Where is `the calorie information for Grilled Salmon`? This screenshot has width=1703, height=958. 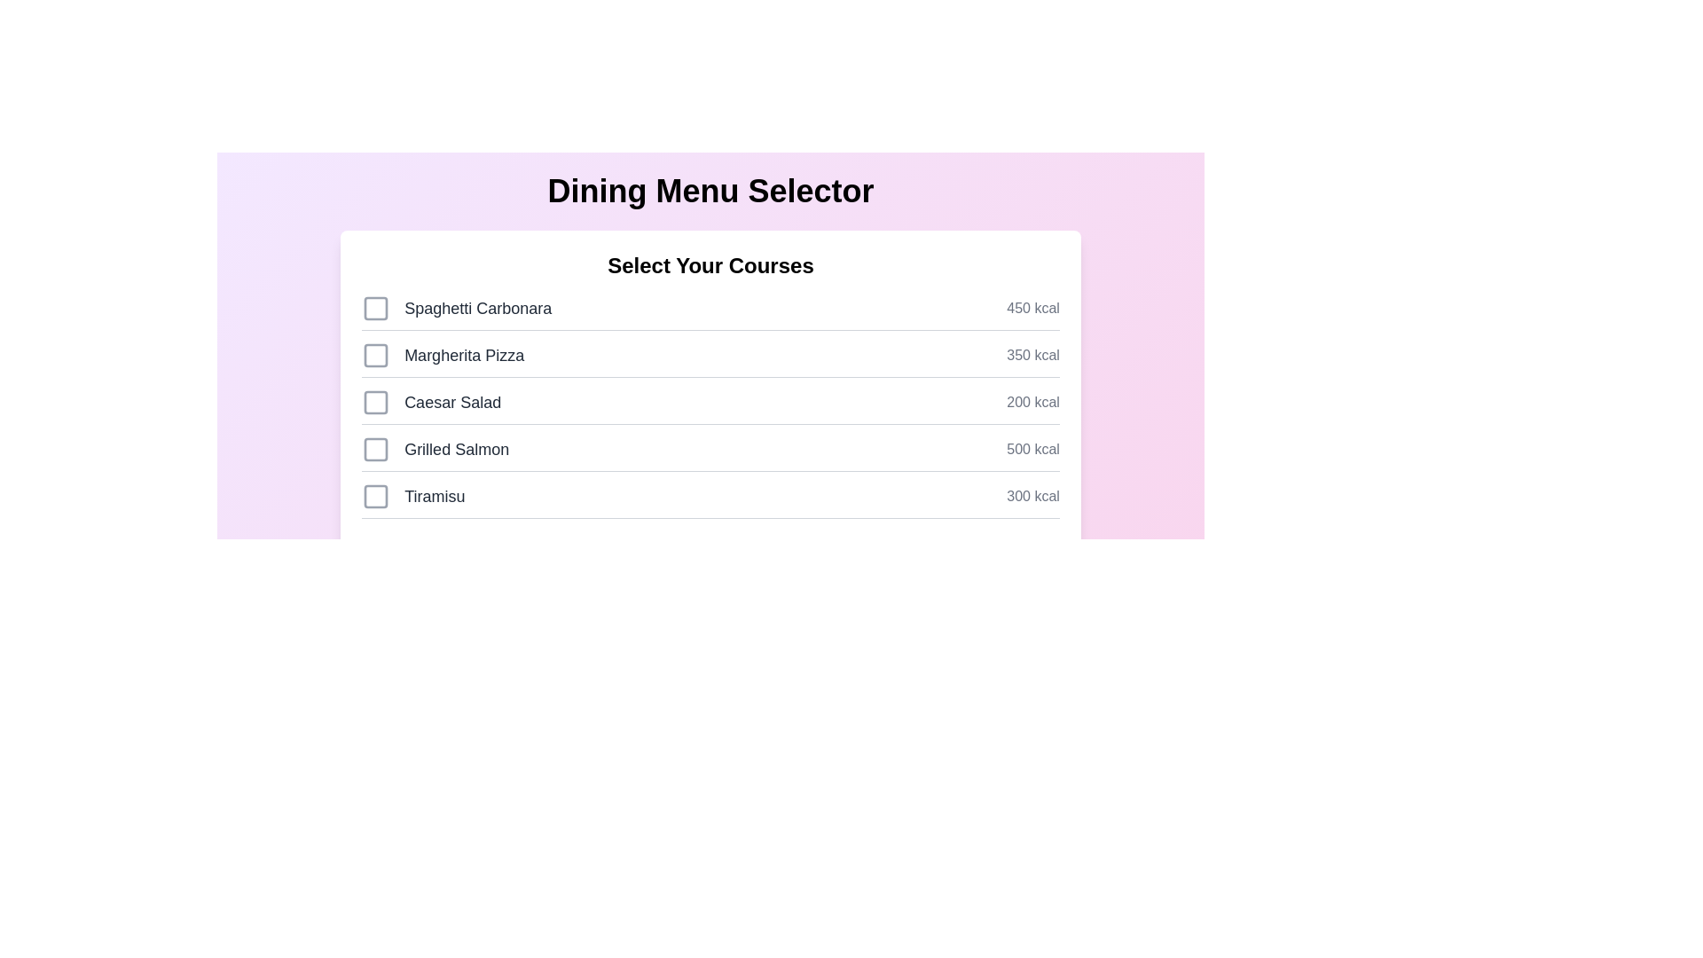
the calorie information for Grilled Salmon is located at coordinates (1033, 448).